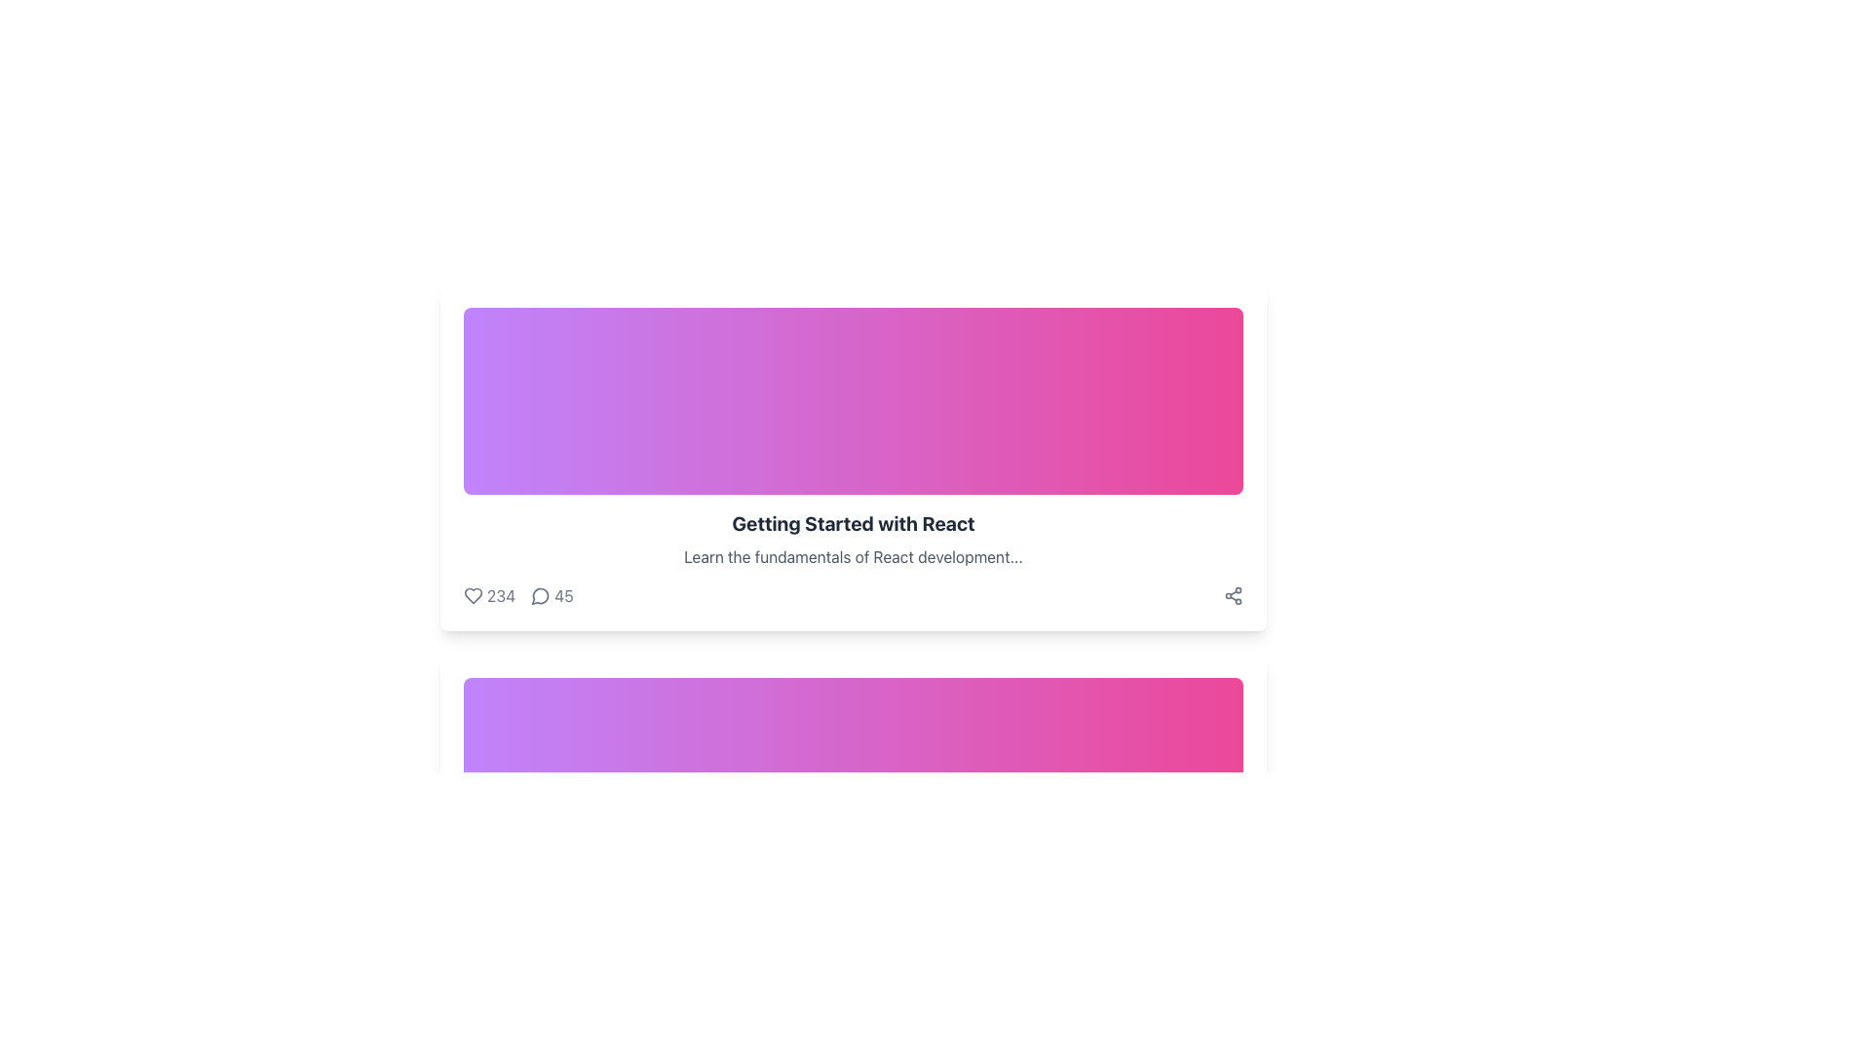  Describe the element at coordinates (540, 595) in the screenshot. I see `the messaging icon located in the central bottom area of the rectangular card interface` at that location.